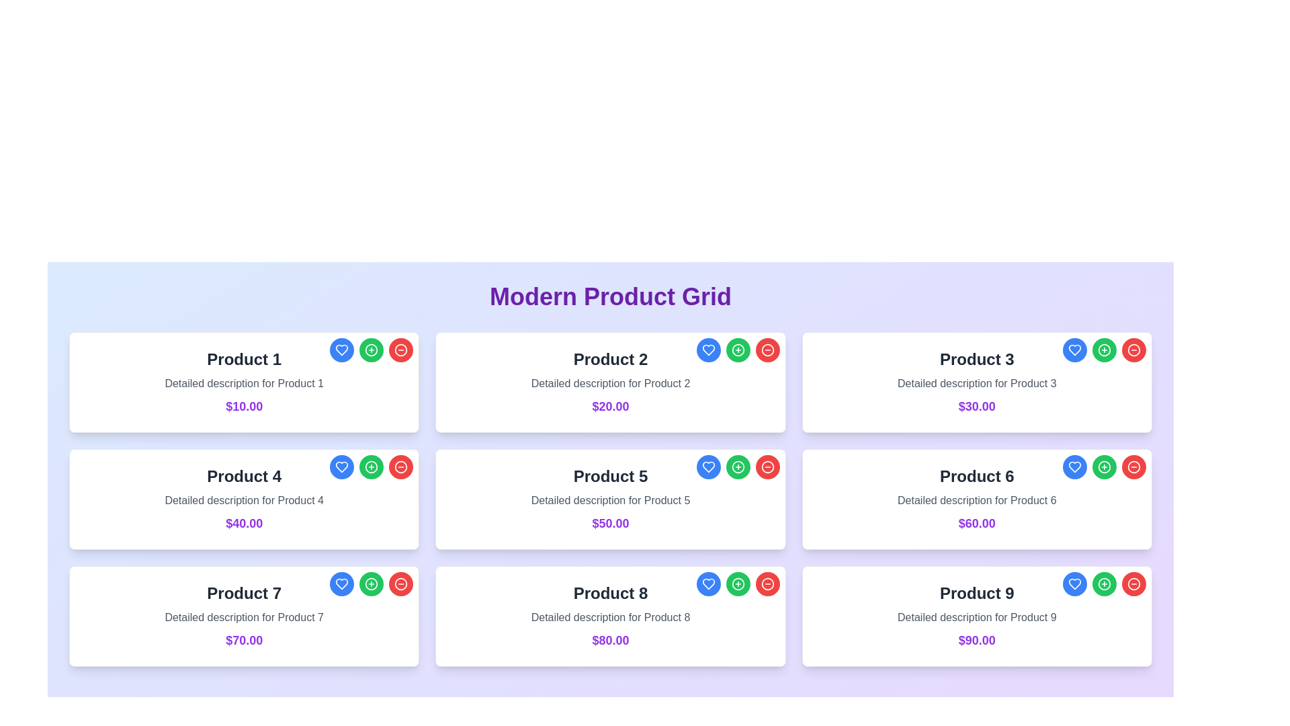 The image size is (1290, 726). Describe the element at coordinates (244, 500) in the screenshot. I see `description provided by the text label for 'Product 4', which is positioned below the title and above the price label` at that location.